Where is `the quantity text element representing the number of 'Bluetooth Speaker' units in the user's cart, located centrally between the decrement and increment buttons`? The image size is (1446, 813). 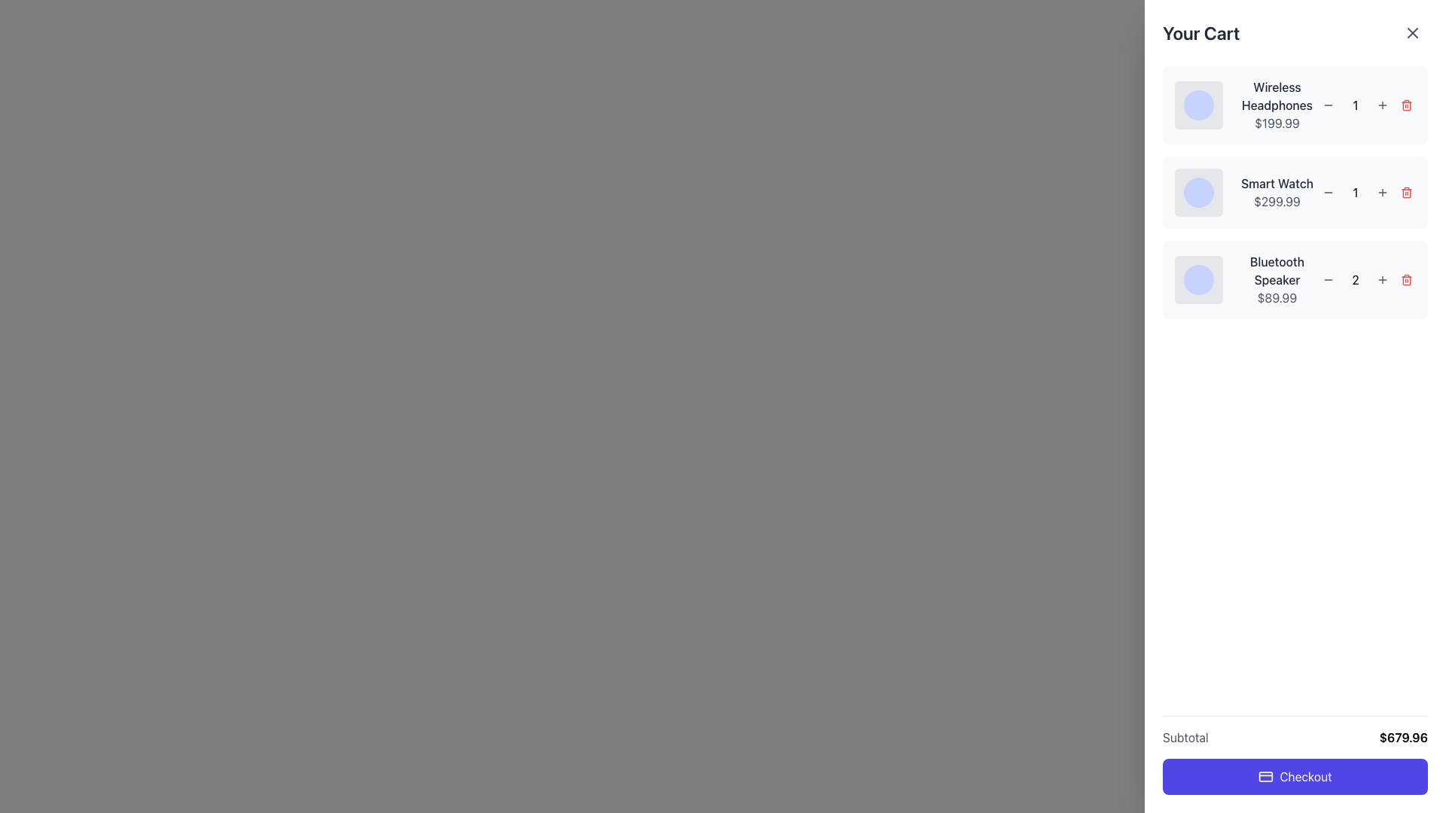 the quantity text element representing the number of 'Bluetooth Speaker' units in the user's cart, located centrally between the decrement and increment buttons is located at coordinates (1356, 279).